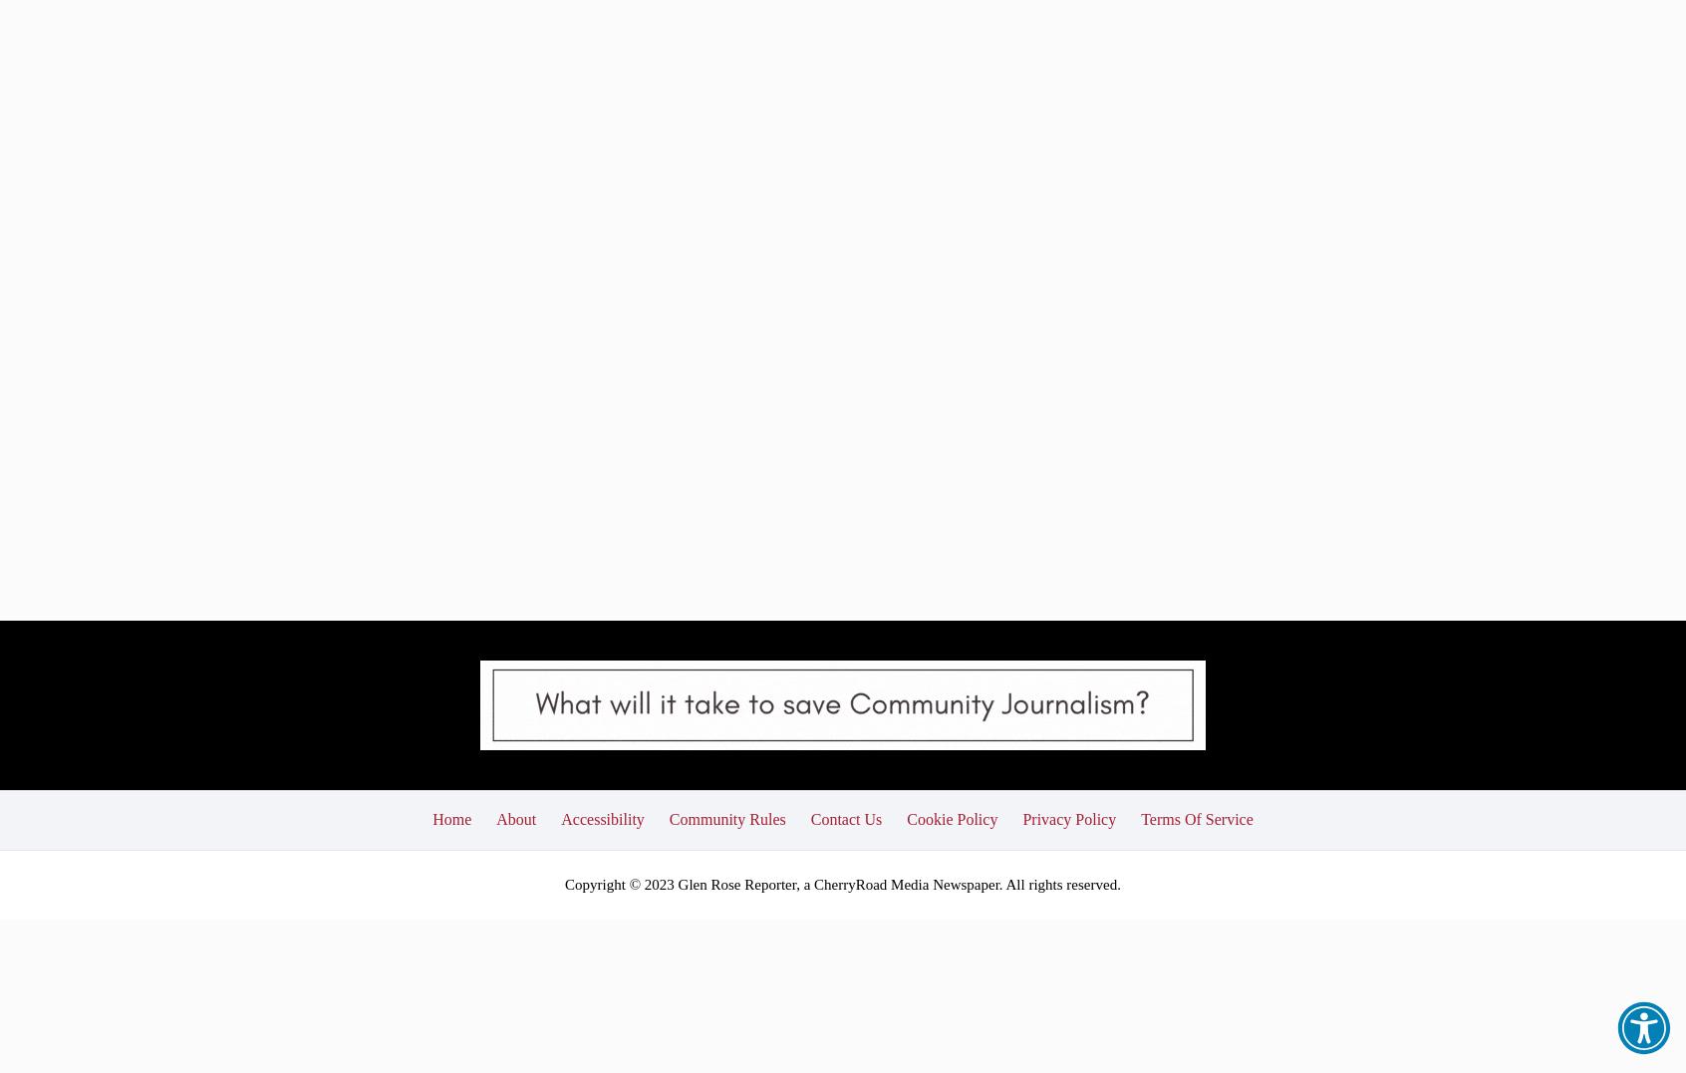 Image resolution: width=1686 pixels, height=1073 pixels. What do you see at coordinates (952, 666) in the screenshot?
I see `'Cookie Policy'` at bounding box center [952, 666].